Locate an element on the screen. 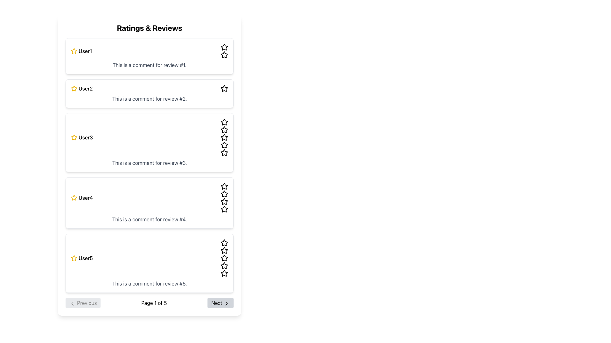 This screenshot has width=611, height=343. the fifth star icon in the rating system is located at coordinates (224, 273).